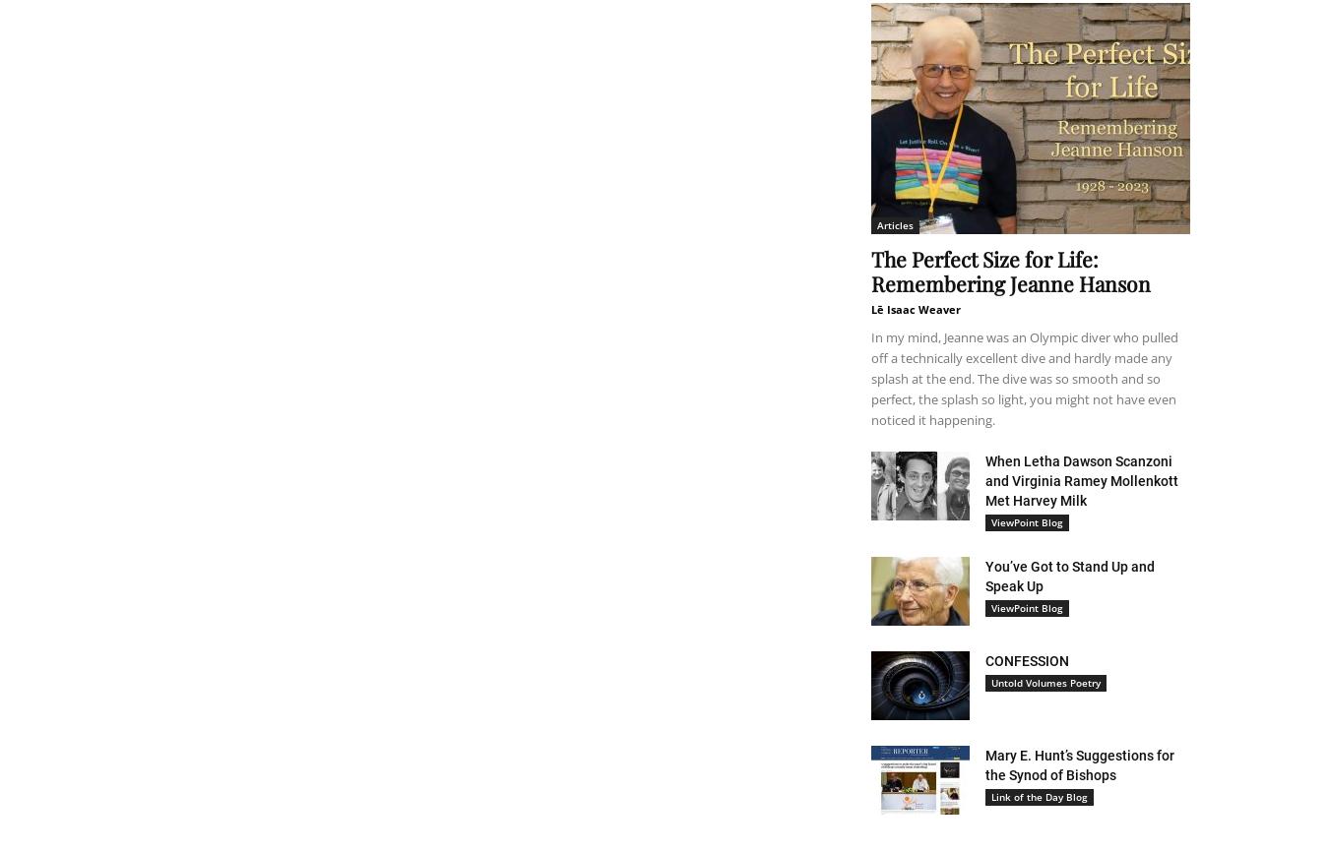  Describe the element at coordinates (1045, 682) in the screenshot. I see `'Untold Volumes Poetry'` at that location.